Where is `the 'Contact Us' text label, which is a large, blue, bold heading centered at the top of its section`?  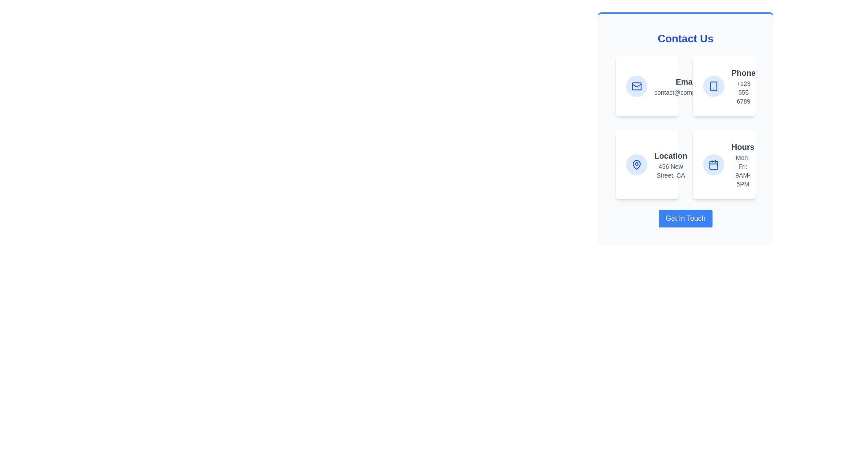
the 'Contact Us' text label, which is a large, blue, bold heading centered at the top of its section is located at coordinates (685, 38).